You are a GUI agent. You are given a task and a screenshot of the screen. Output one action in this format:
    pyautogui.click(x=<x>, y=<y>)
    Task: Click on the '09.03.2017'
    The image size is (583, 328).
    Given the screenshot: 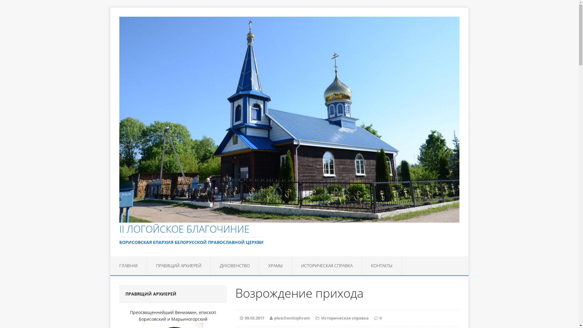 What is the action you would take?
    pyautogui.click(x=254, y=317)
    